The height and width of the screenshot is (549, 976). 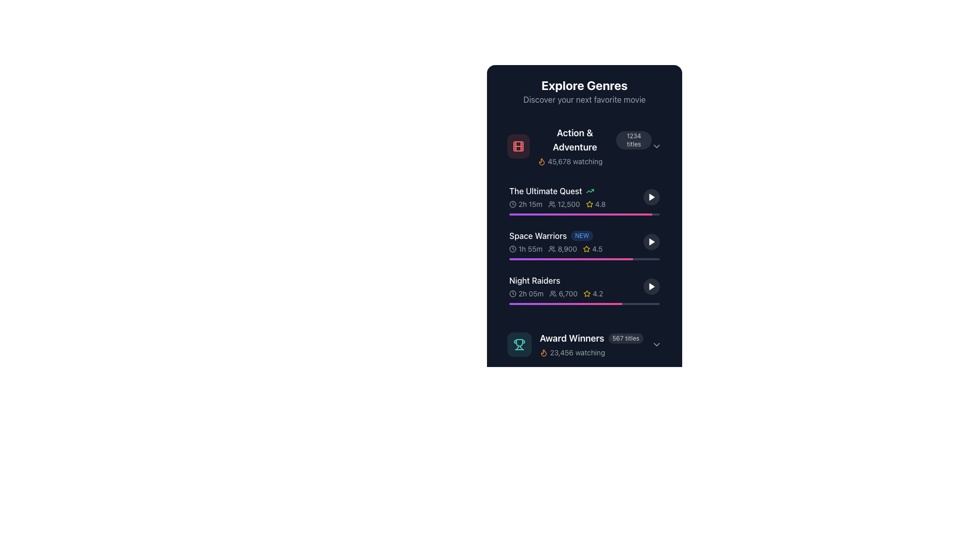 What do you see at coordinates (651, 241) in the screenshot?
I see `the small triangular play button icon, styled with a white fill and bordered by a circular transparent background, located at the far right of the row containing the movie title 'Space Warriors', to initiate playback` at bounding box center [651, 241].